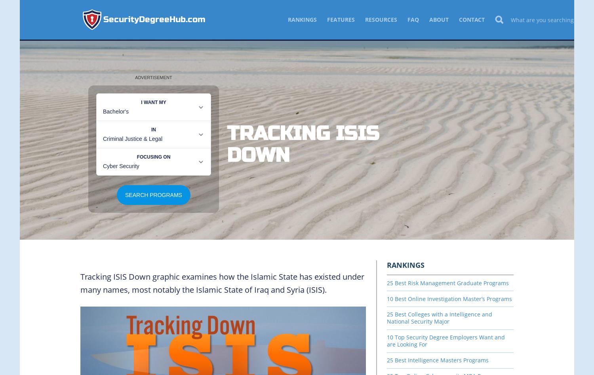 The height and width of the screenshot is (375, 594). What do you see at coordinates (222, 283) in the screenshot?
I see `'Tracking ISIS Down graphic examines how the Islamic State has existed under many names, most notably the Islamic State of Iraq and Syria (ISIS).'` at bounding box center [222, 283].